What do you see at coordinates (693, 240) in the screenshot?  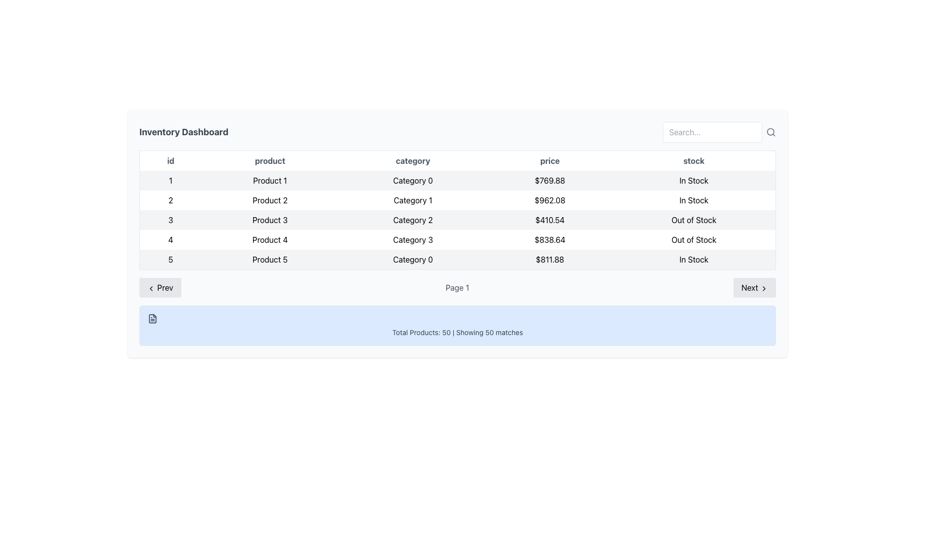 I see `the Text Label indicating 'Out of Stock' for 'Product 4', located in the fifth column of the fourth row of the inventory table` at bounding box center [693, 240].